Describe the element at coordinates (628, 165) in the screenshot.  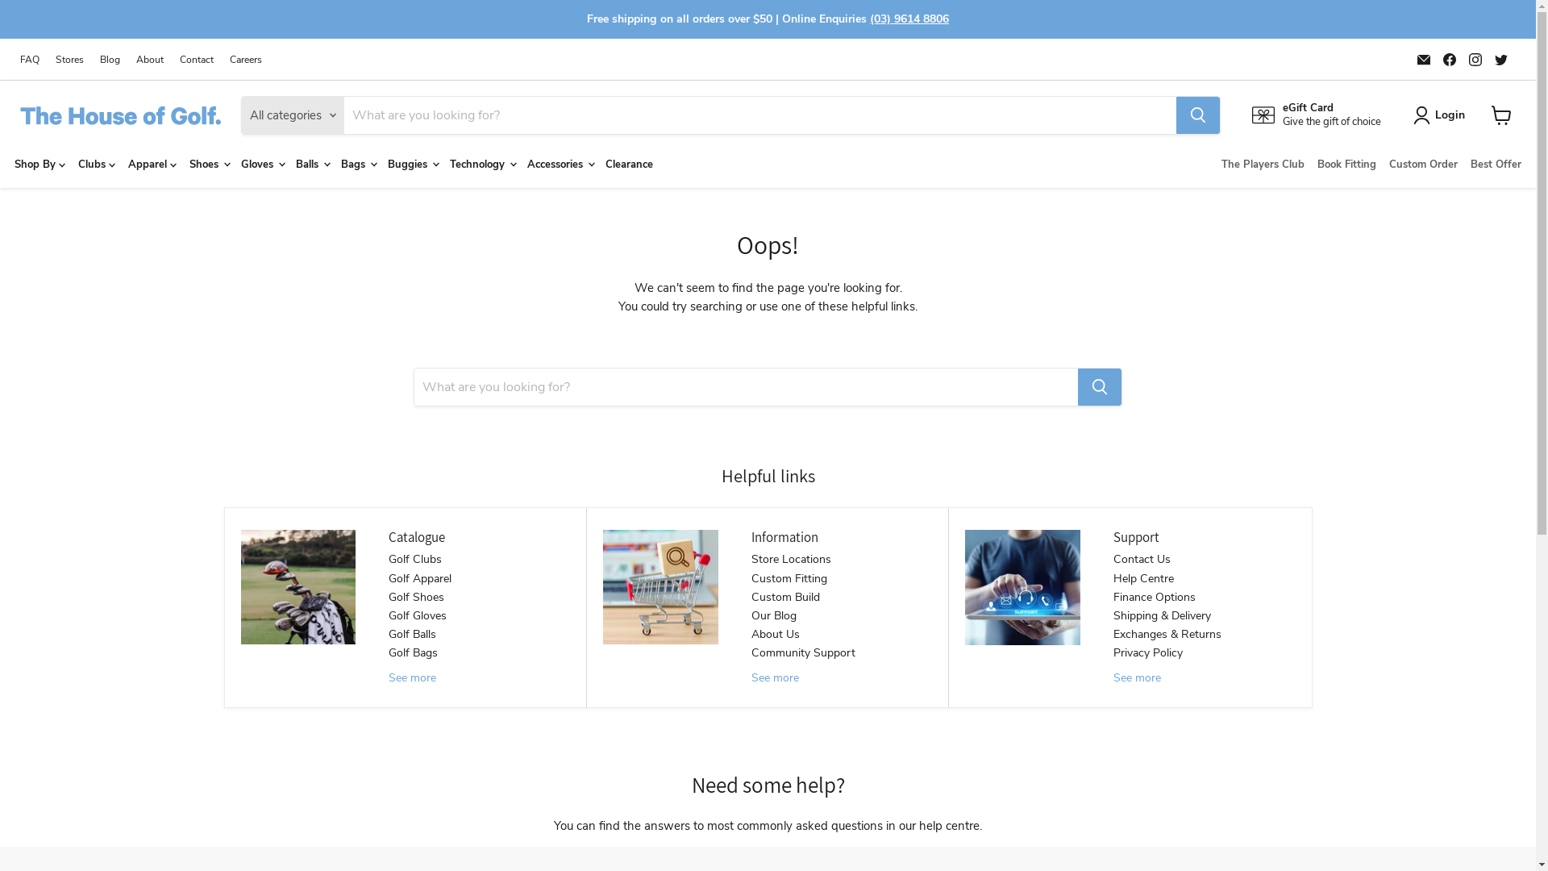
I see `'Clearance'` at that location.